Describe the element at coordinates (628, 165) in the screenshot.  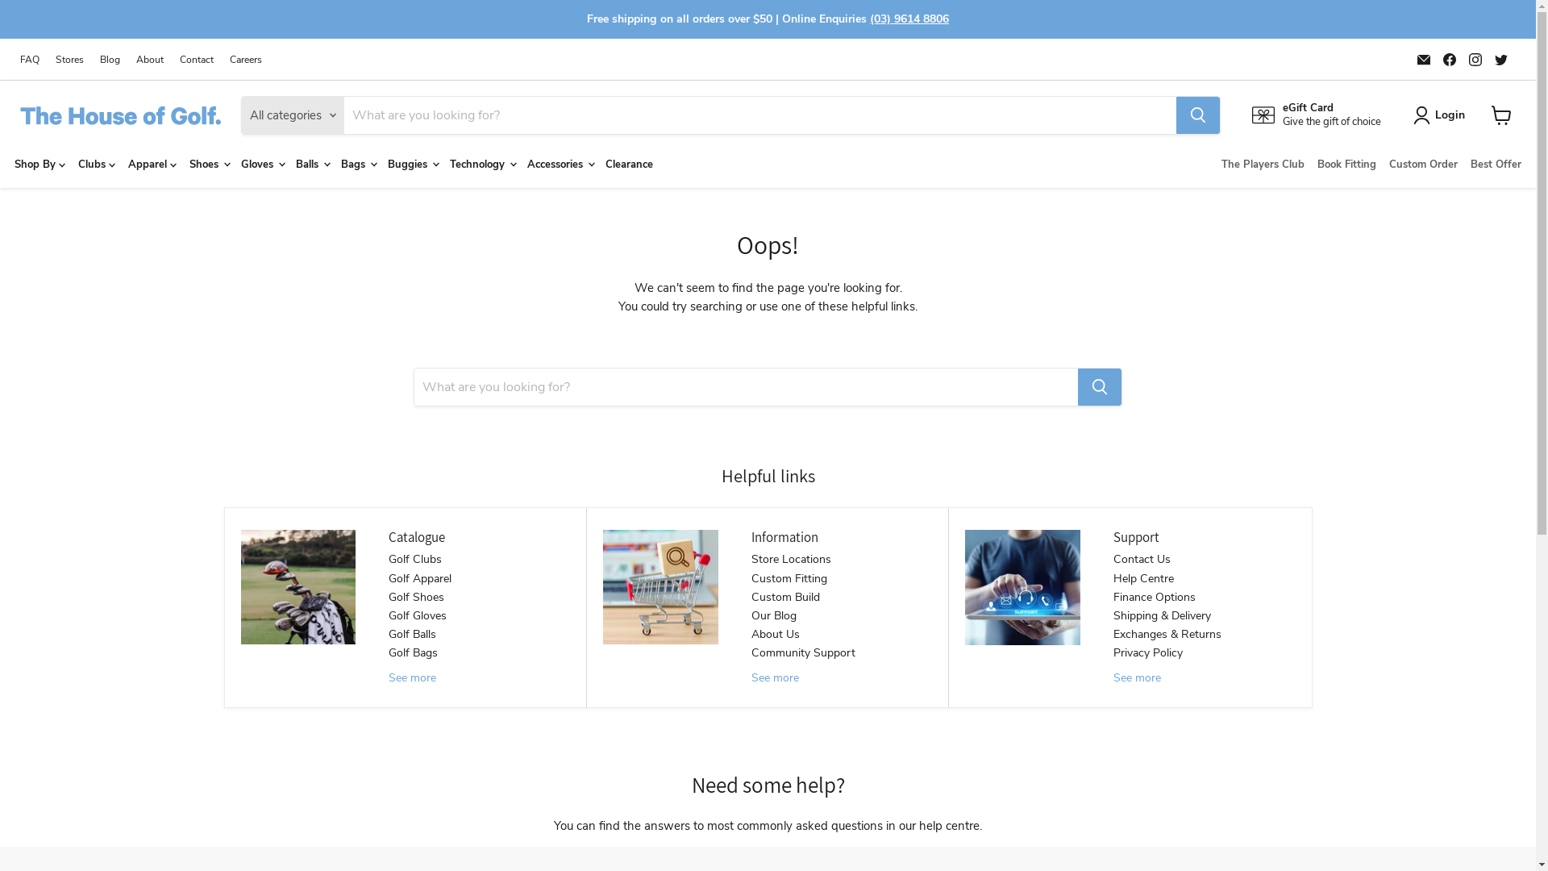
I see `'Clearance'` at that location.